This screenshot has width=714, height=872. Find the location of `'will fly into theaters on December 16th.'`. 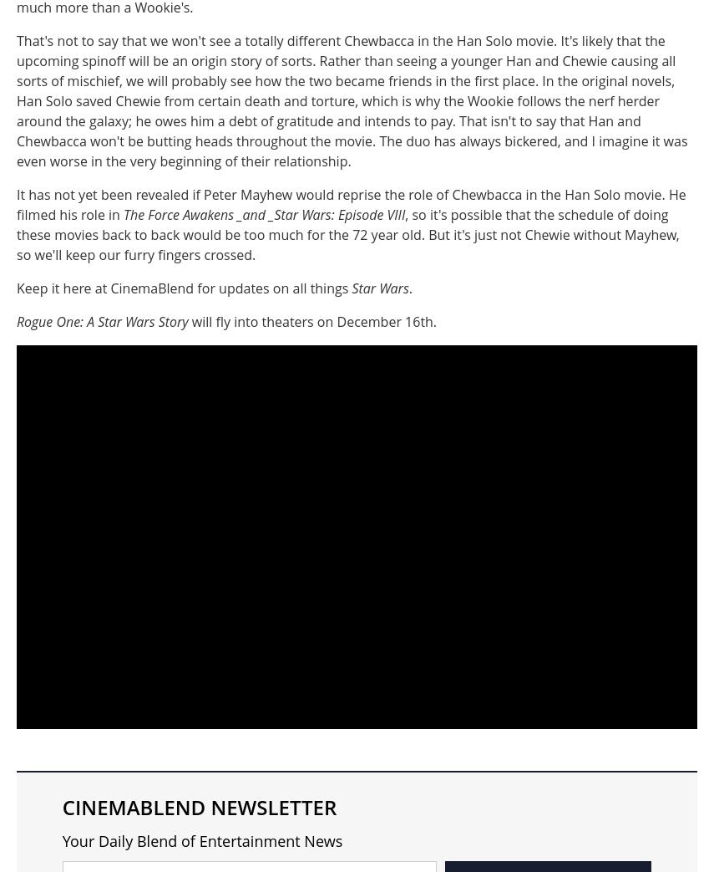

'will fly into theaters on December 16th.' is located at coordinates (311, 321).